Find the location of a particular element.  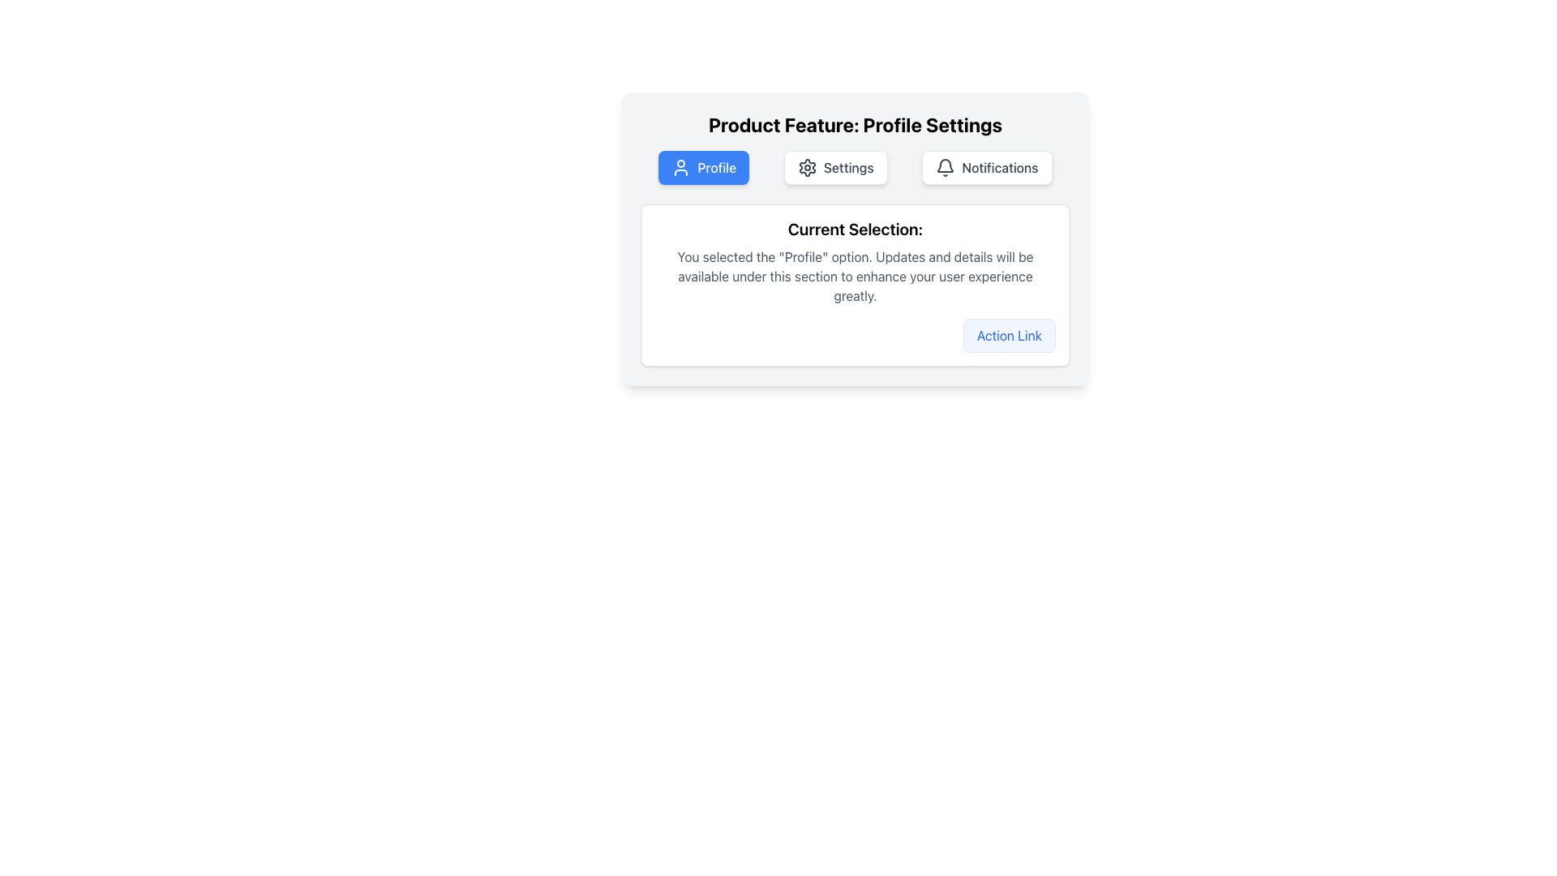

the 'Settings' icon, which is a vector graphic located to the left of the 'Settings' text within the button is located at coordinates (807, 168).